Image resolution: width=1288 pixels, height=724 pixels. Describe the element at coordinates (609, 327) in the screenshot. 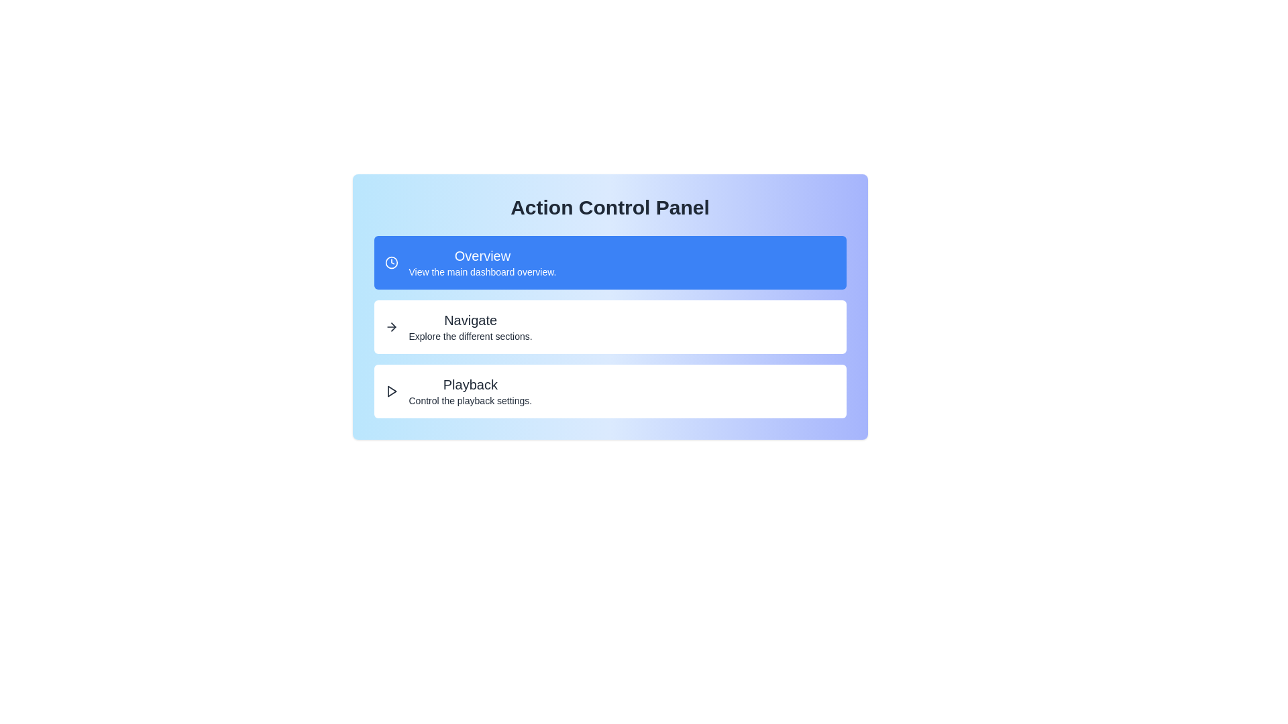

I see `the interactive list item or button that provides access to the navigation section, positioned as the second option in the vertical list between 'Overview' and 'Playback'` at that location.